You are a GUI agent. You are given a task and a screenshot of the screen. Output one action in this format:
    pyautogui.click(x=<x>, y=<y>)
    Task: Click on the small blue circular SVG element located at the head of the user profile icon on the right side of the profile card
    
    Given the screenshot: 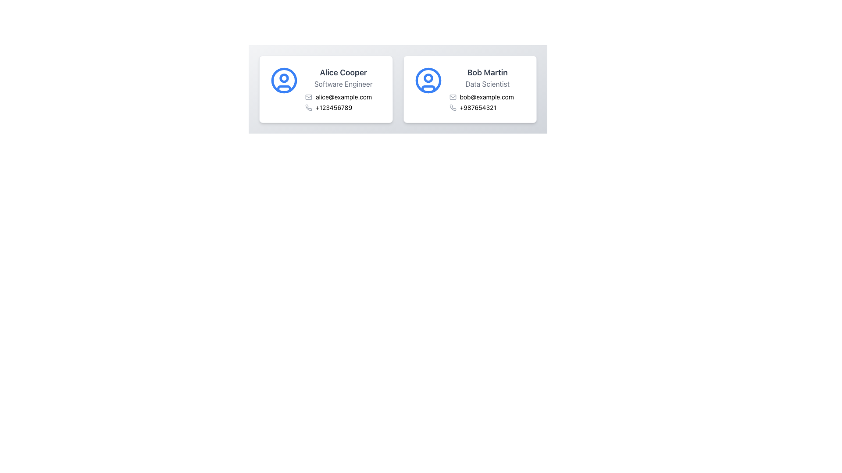 What is the action you would take?
    pyautogui.click(x=428, y=78)
    